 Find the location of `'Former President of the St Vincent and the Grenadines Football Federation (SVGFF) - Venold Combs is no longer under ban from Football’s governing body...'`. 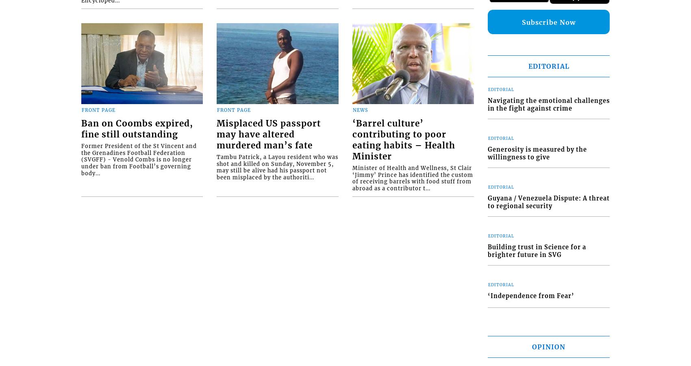

'Former President of the St Vincent and the Grenadines Football Federation (SVGFF) - Venold Combs is no longer under ban from Football’s governing body...' is located at coordinates (139, 159).